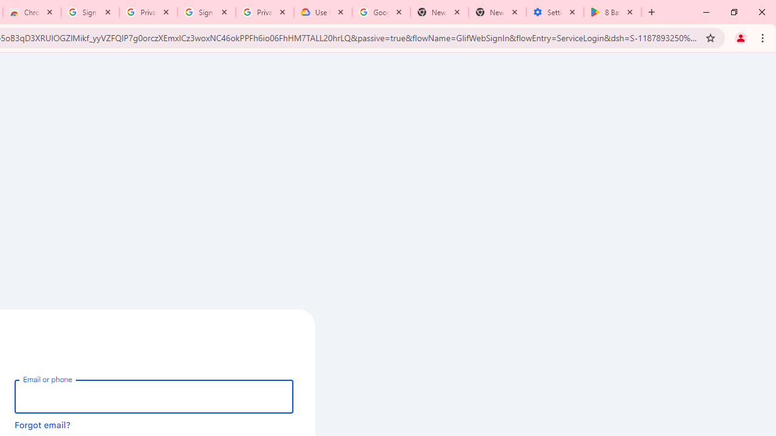  Describe the element at coordinates (497, 12) in the screenshot. I see `'New Tab'` at that location.